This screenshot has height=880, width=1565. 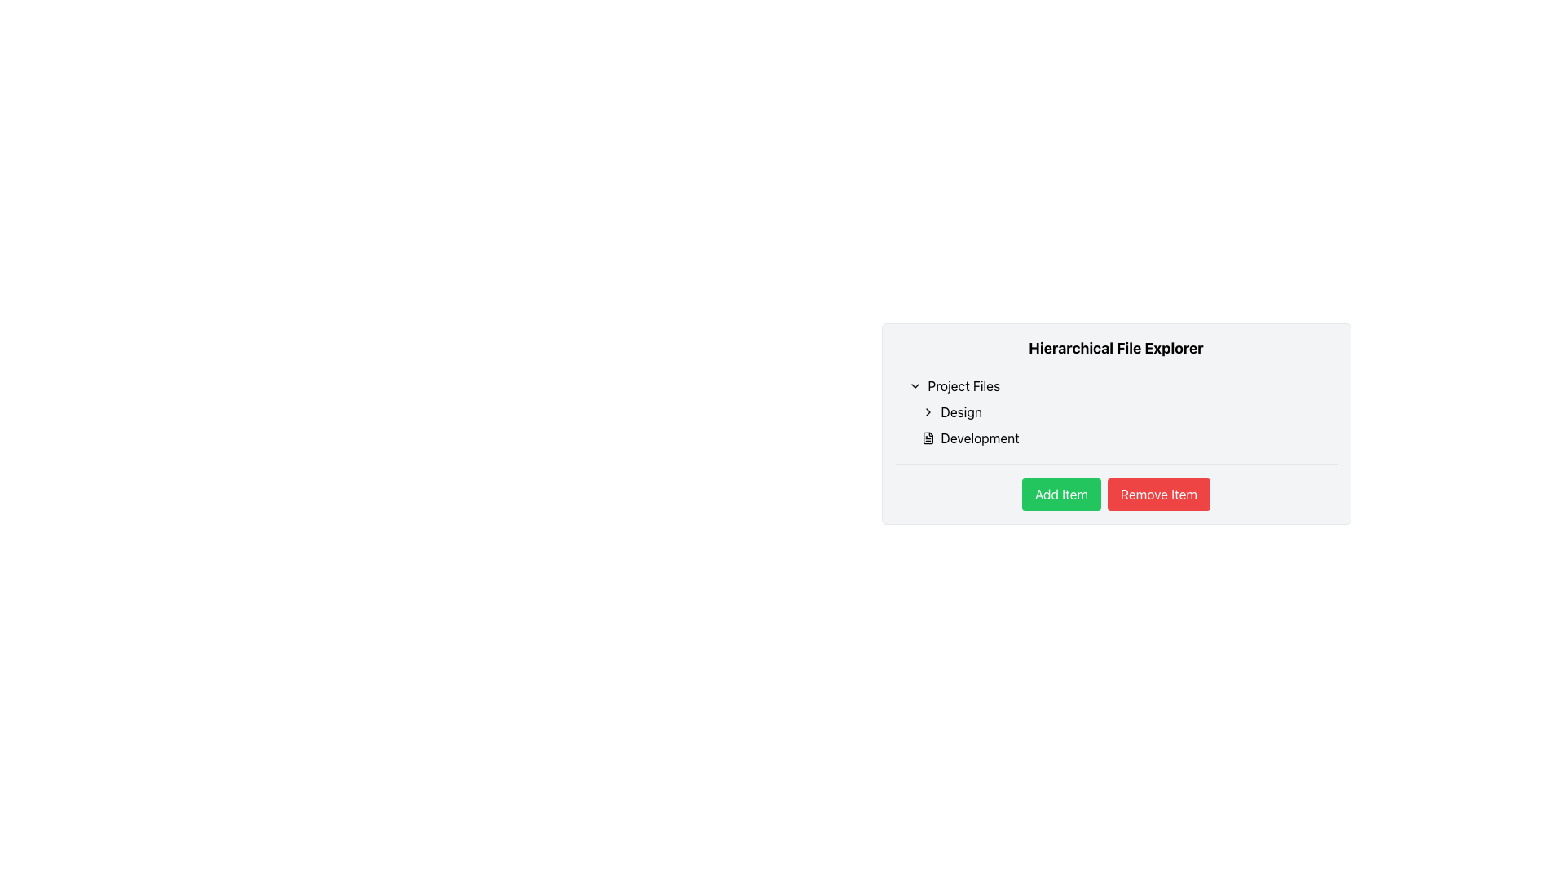 I want to click on the downward-pointing chevron icon with a thin black outline, located to the left of the 'Project Files' text label, so click(x=915, y=386).